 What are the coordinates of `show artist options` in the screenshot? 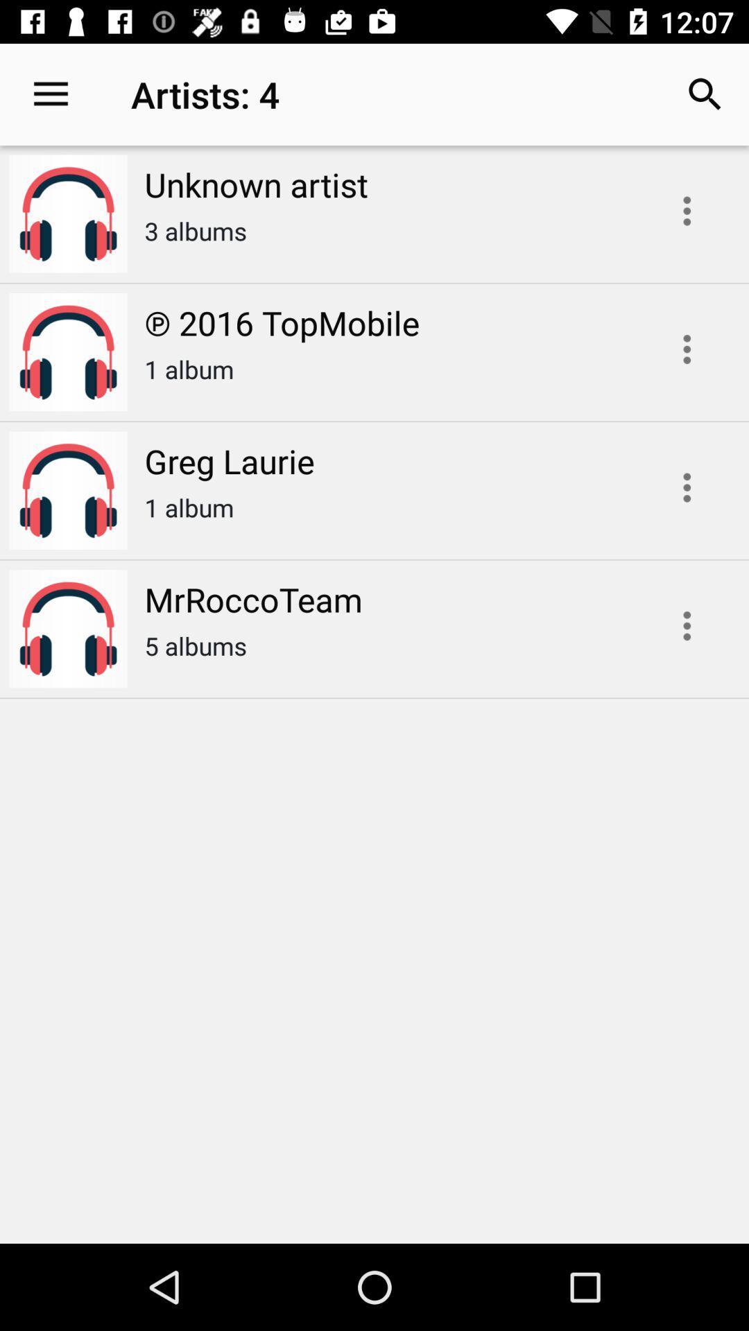 It's located at (687, 210).